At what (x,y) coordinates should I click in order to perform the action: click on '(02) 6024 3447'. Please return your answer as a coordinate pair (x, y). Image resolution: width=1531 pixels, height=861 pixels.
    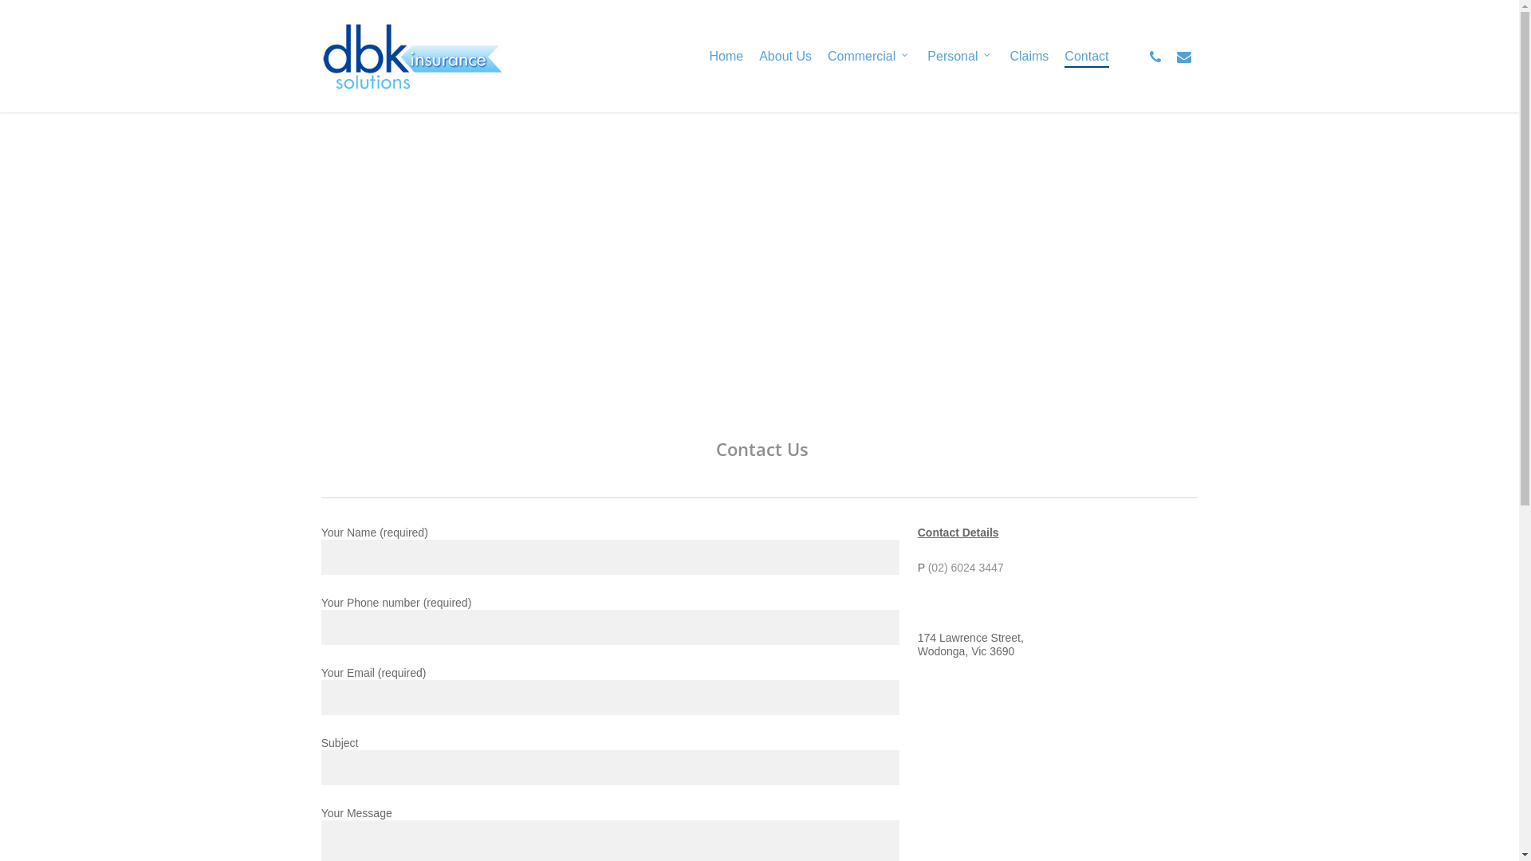
    Looking at the image, I should click on (965, 567).